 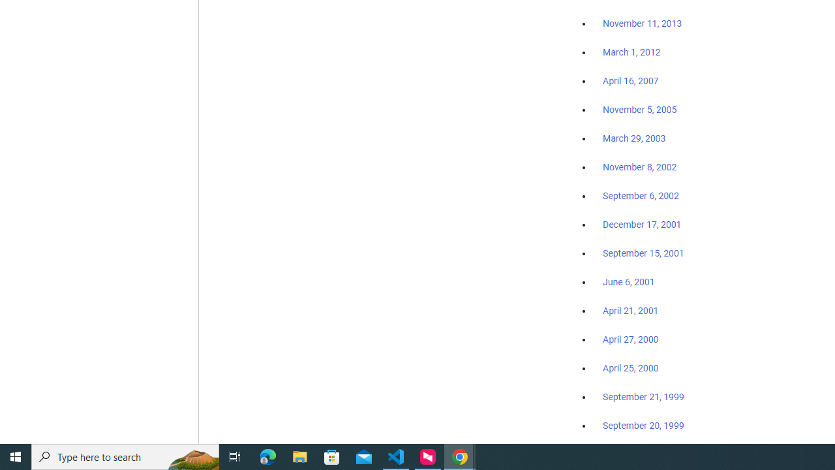 I want to click on 'April 16, 2007', so click(x=631, y=81).